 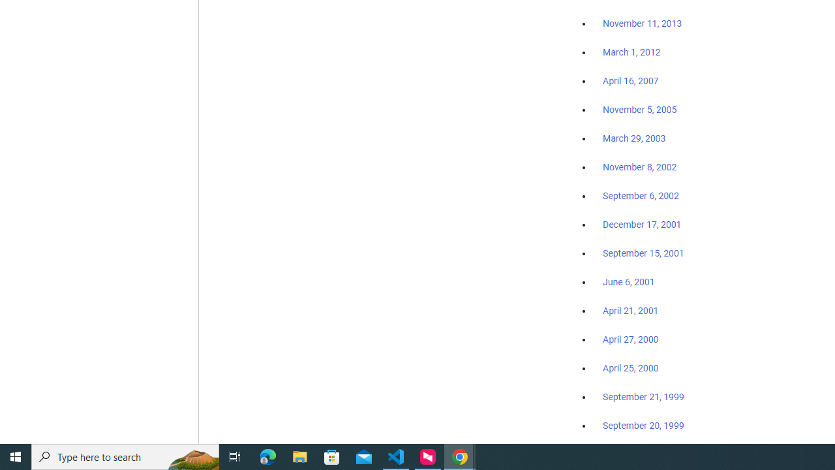 I want to click on 'April 16, 2007', so click(x=631, y=81).